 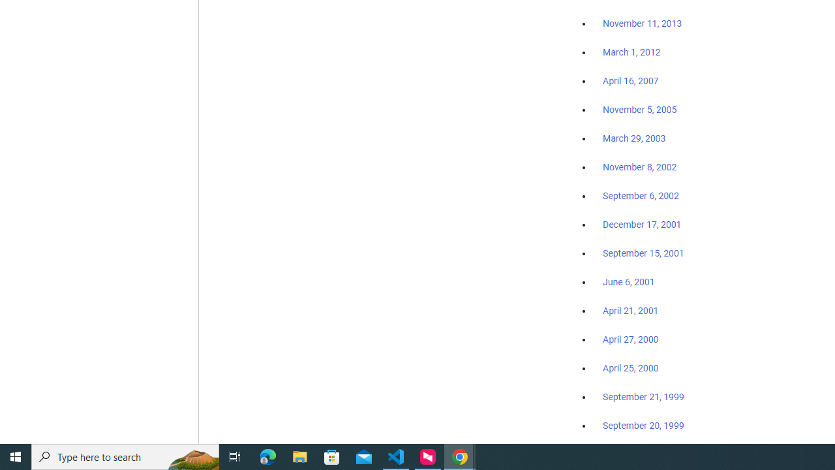 I want to click on 'April 16, 2007', so click(x=631, y=81).